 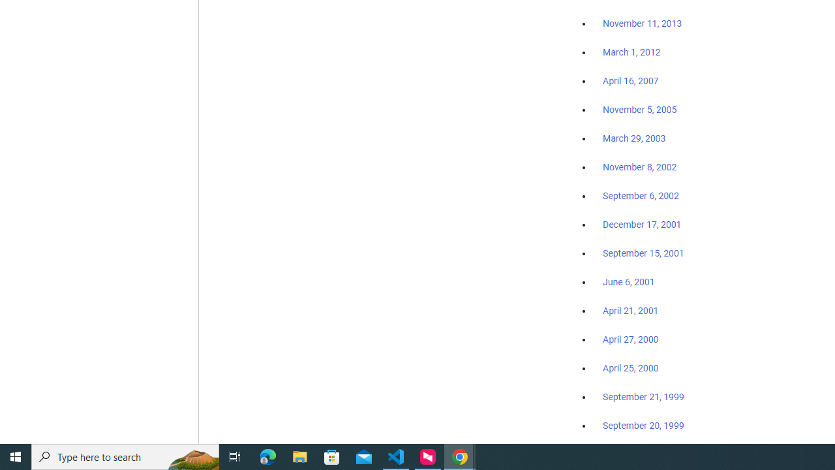 I want to click on 'April 16, 2007', so click(x=631, y=81).